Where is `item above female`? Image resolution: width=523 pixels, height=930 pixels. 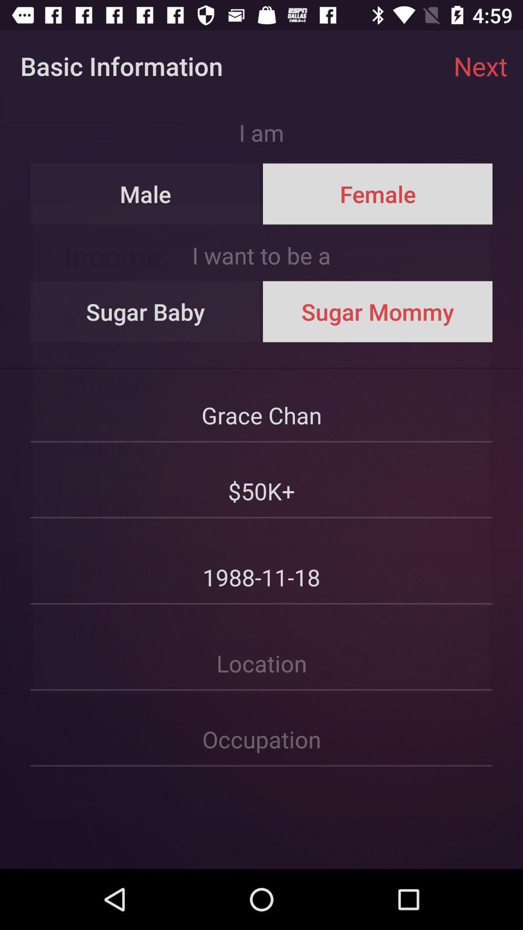
item above female is located at coordinates (480, 65).